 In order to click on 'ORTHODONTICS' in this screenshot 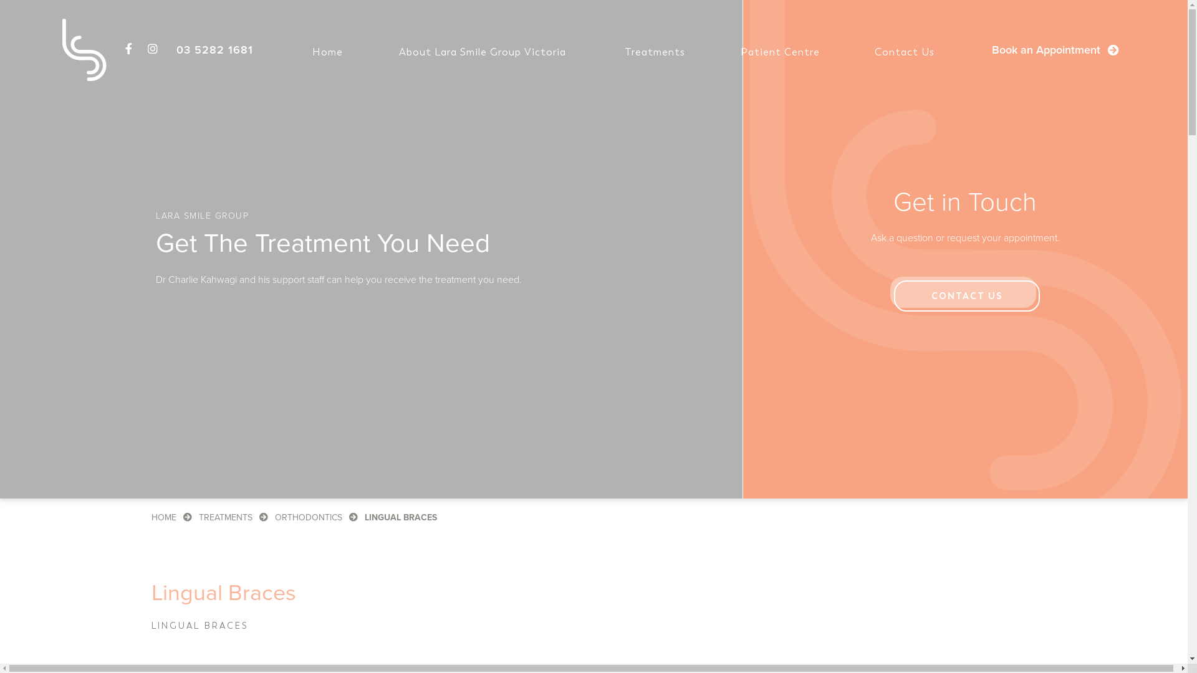, I will do `click(274, 517)`.